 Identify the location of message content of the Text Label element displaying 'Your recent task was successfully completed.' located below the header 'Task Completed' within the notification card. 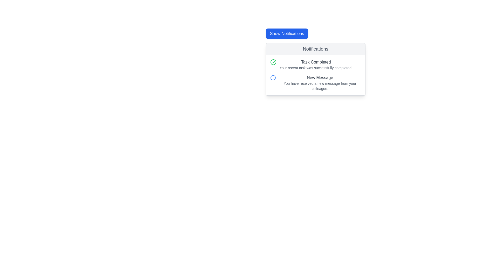
(316, 68).